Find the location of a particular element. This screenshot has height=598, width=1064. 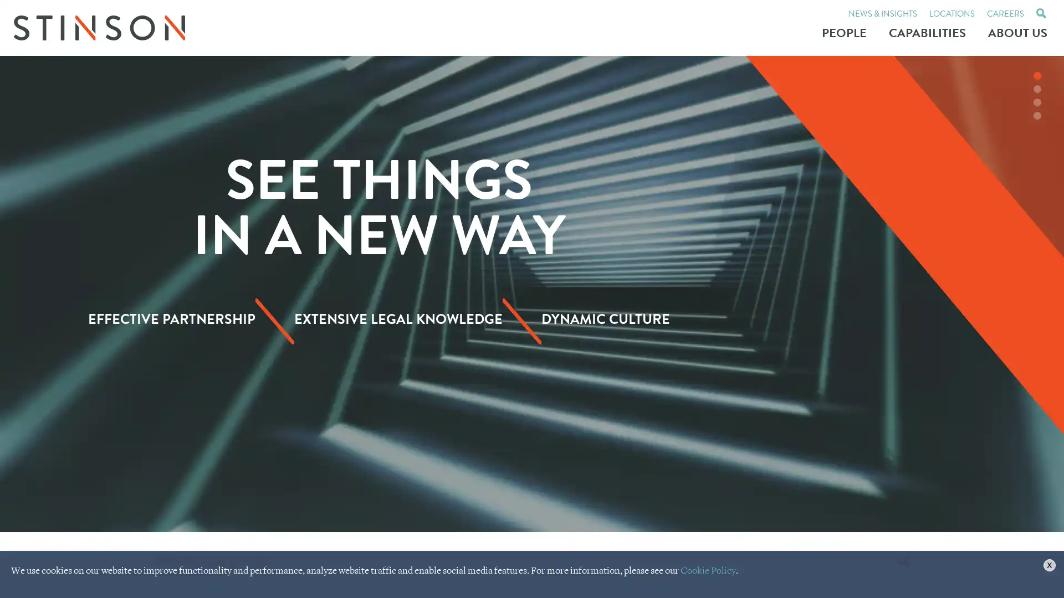

2 is located at coordinates (1037, 89).